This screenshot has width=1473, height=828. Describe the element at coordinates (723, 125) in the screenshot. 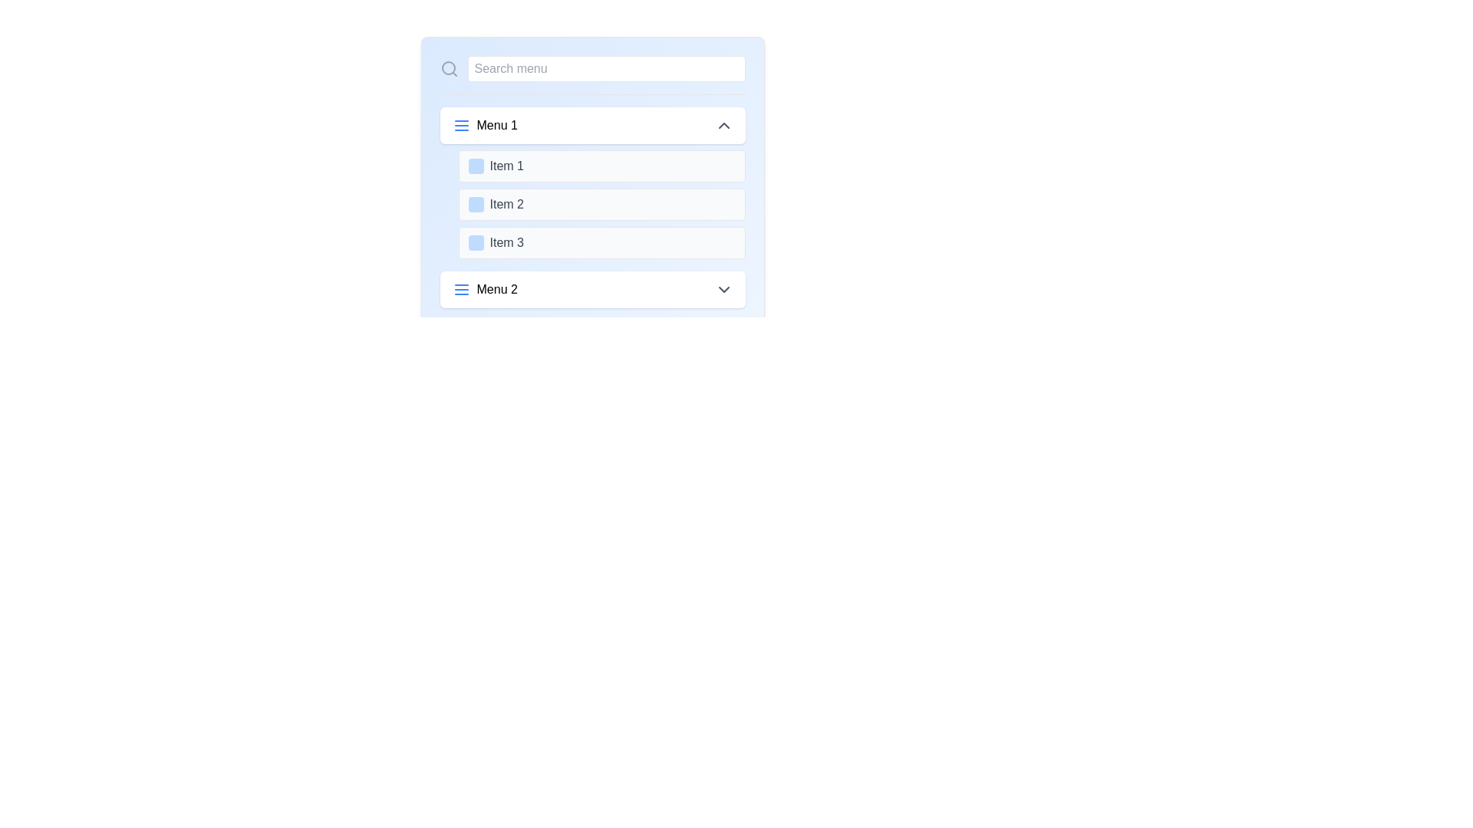

I see `the upward-pointing chevron icon with a black outline next to 'Menu 1'` at that location.